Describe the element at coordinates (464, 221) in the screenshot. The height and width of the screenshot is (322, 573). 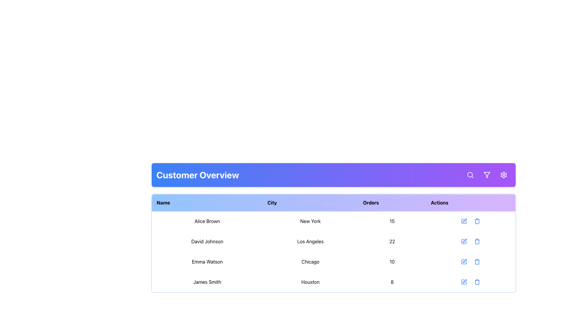
I see `the edit button, which is a small blue square icon with a pencil inside, located in the 'Actions' column of the first row of the table` at that location.